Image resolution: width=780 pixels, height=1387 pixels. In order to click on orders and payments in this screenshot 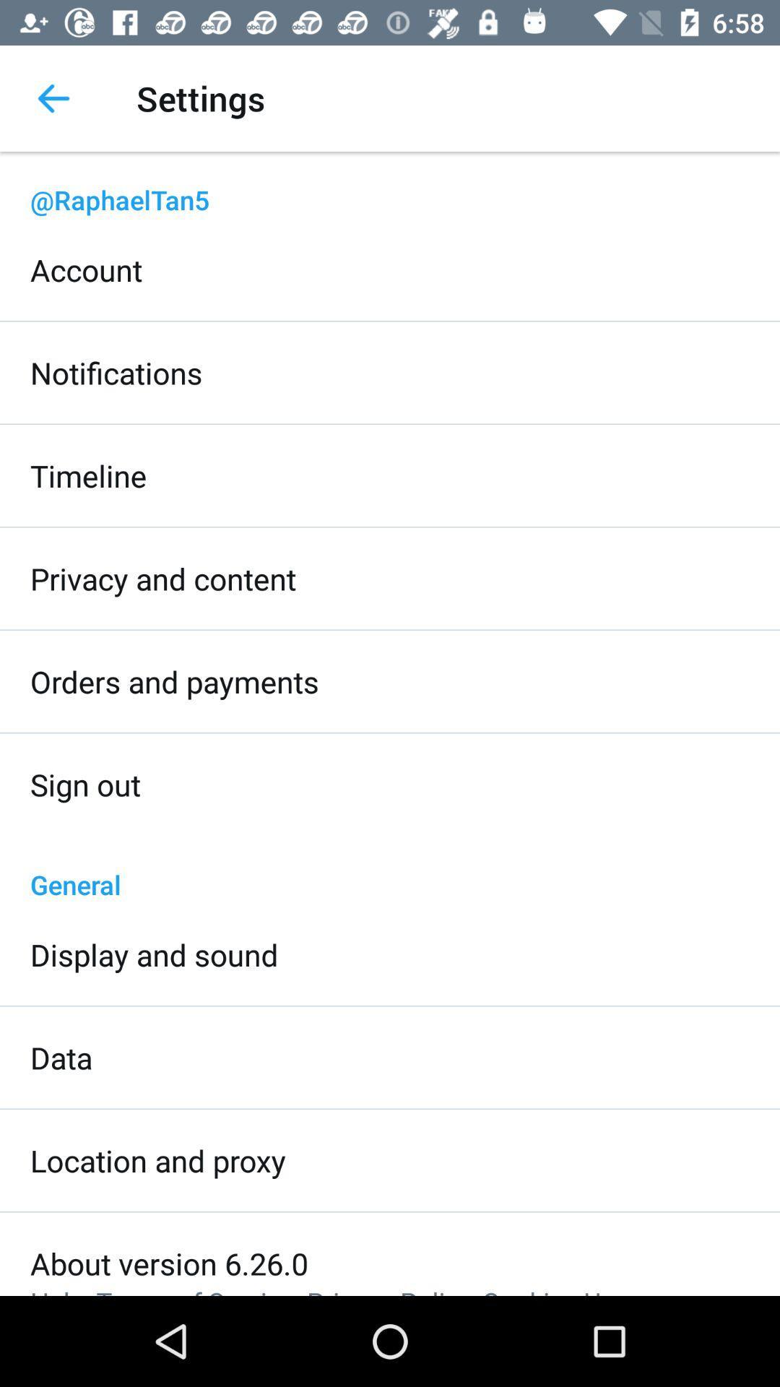, I will do `click(173, 680)`.